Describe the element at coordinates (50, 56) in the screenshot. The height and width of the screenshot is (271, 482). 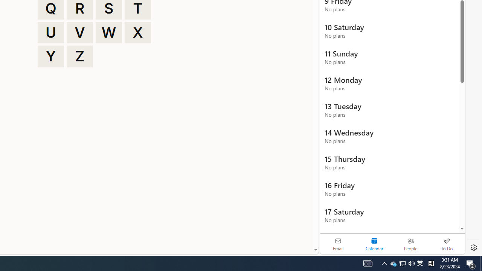
I see `'Y'` at that location.